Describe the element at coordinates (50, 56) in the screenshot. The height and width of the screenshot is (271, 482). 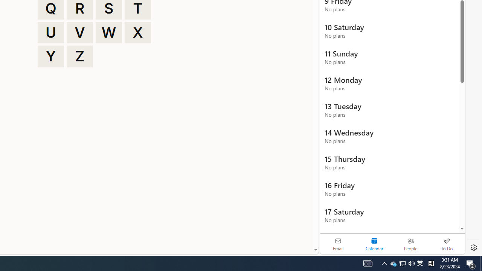
I see `'Y'` at that location.